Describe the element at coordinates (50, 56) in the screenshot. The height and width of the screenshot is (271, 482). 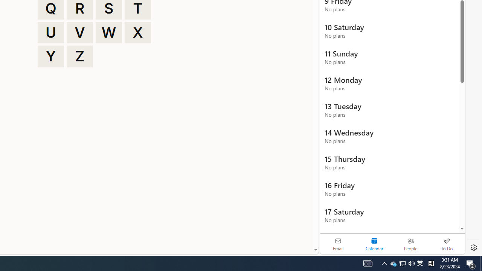
I see `'Y'` at that location.